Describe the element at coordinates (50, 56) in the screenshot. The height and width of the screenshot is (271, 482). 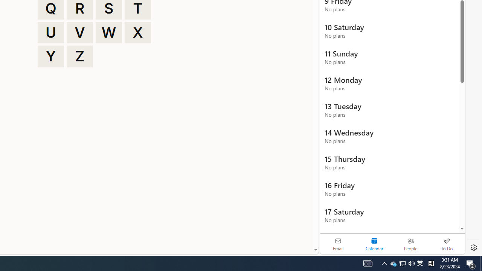
I see `'Y'` at that location.